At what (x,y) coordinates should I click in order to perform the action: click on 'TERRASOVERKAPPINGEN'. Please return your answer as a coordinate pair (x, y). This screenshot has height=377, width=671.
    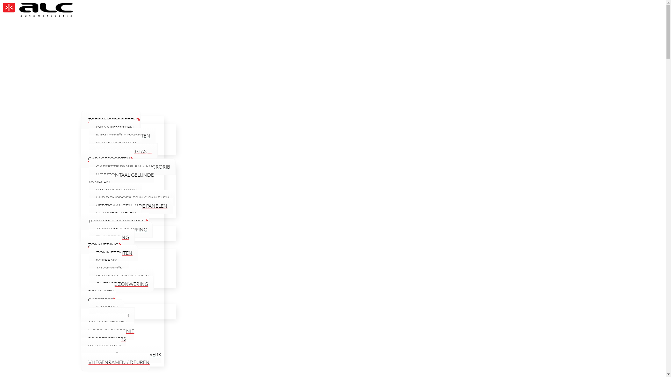
    Looking at the image, I should click on (81, 221).